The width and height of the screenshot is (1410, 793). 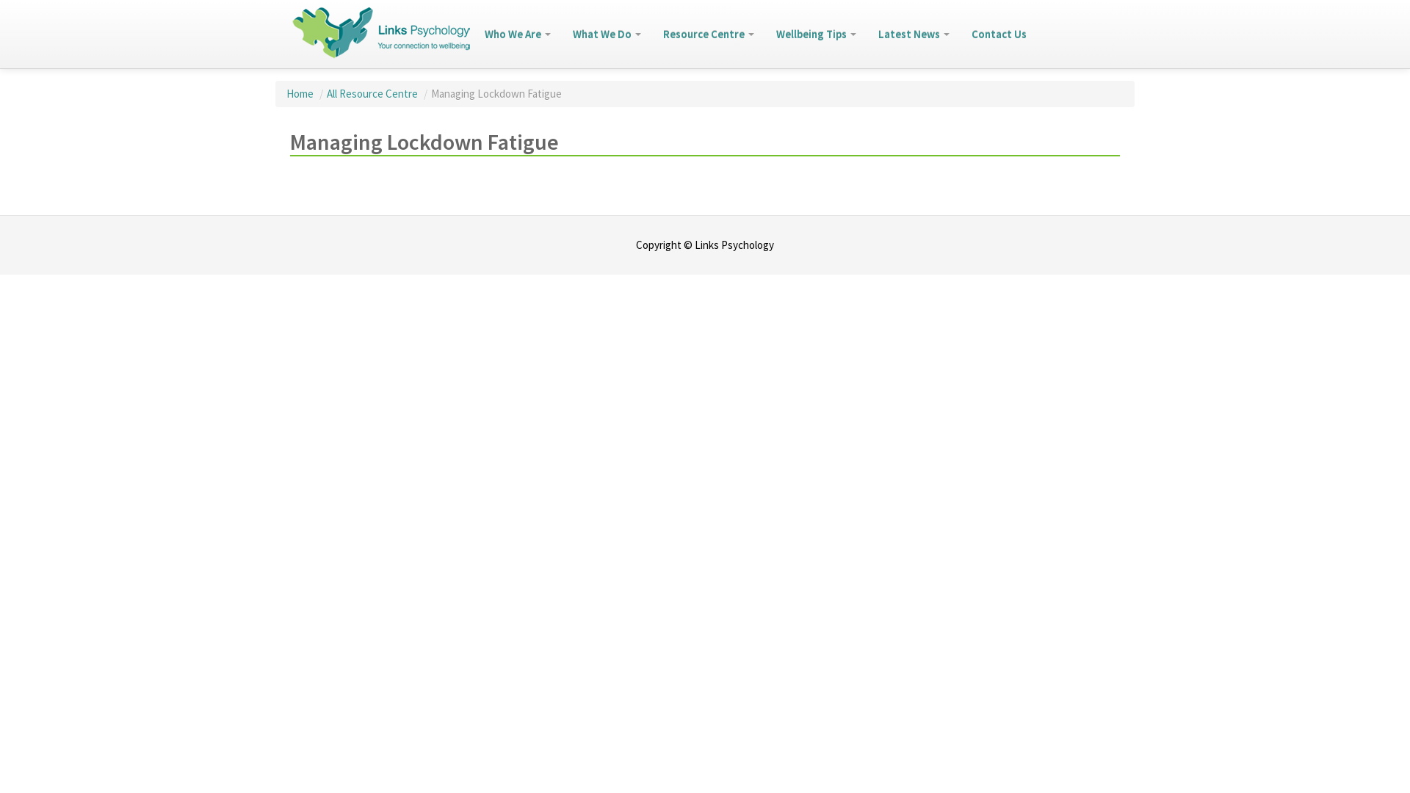 I want to click on 'Resource Centre', so click(x=708, y=33).